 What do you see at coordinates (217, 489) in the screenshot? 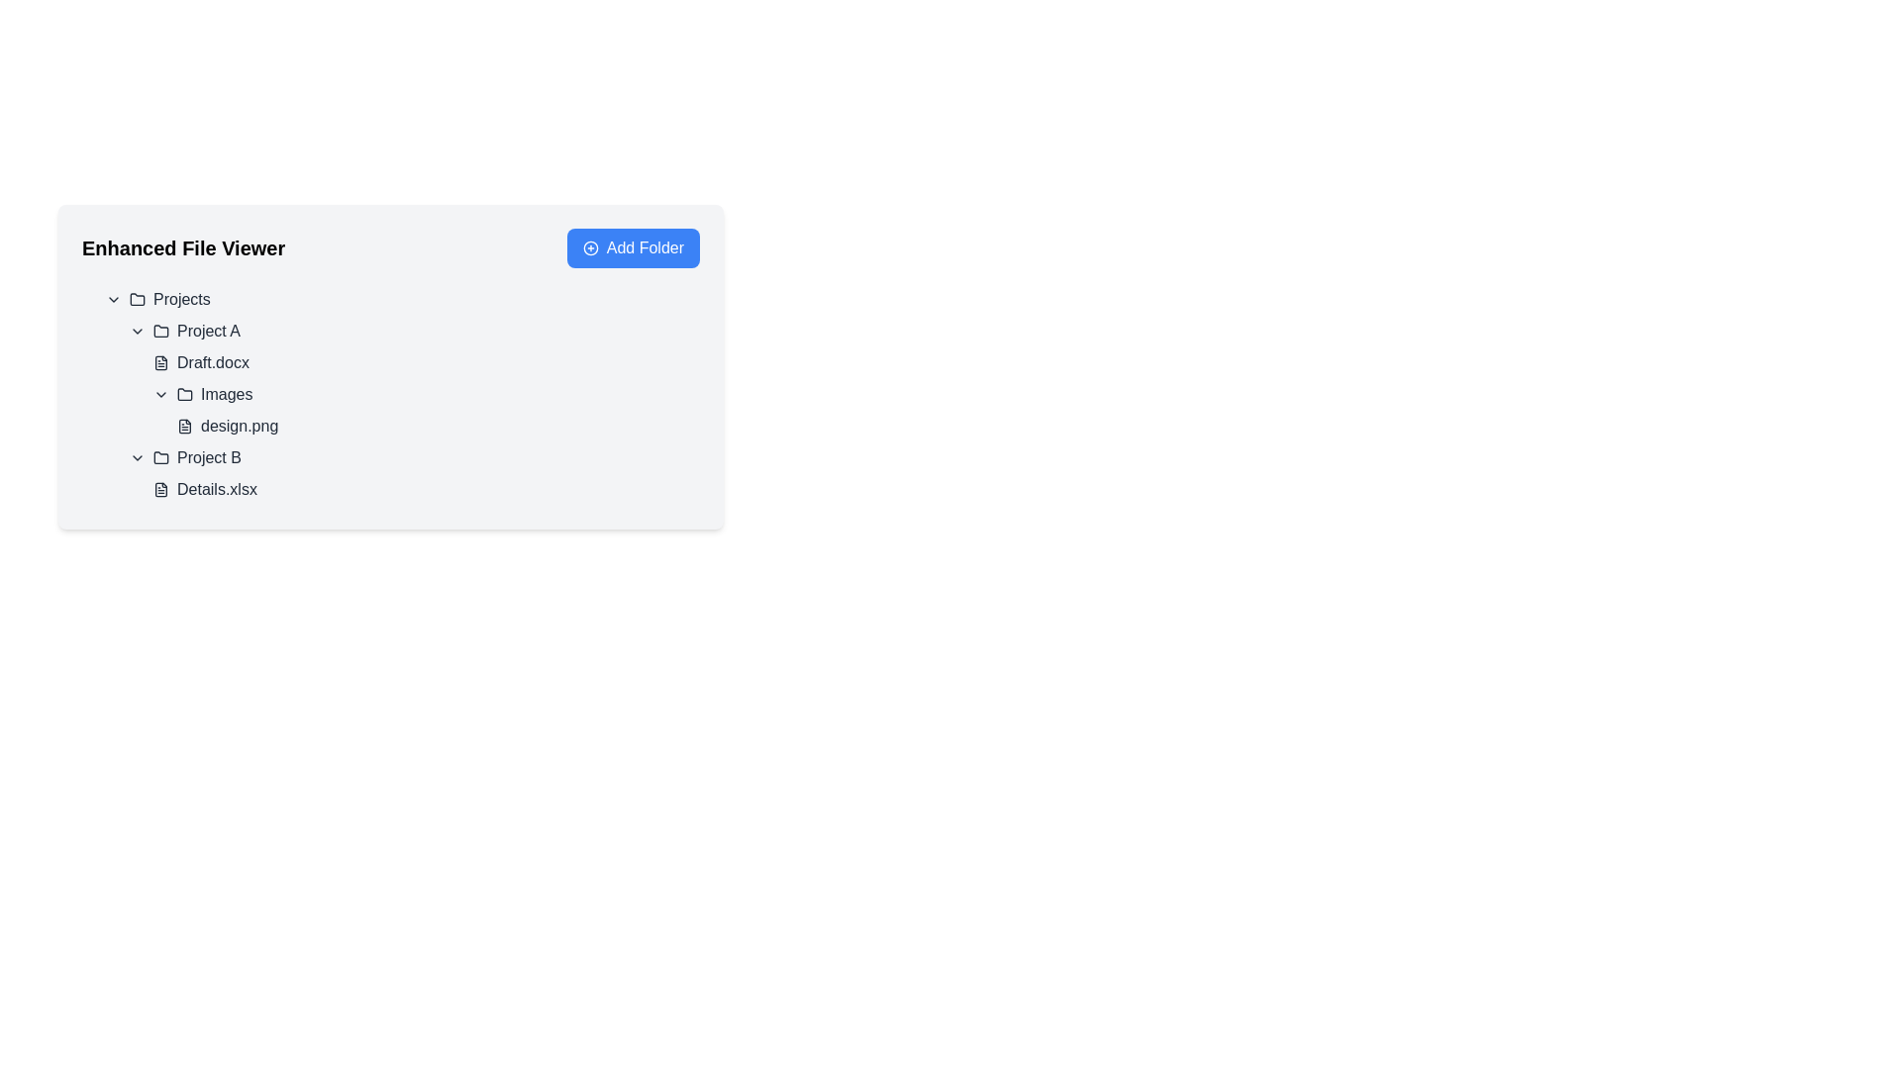
I see `the text label representing the file named 'Details.xlsx' located under the folder 'Project B'` at bounding box center [217, 489].